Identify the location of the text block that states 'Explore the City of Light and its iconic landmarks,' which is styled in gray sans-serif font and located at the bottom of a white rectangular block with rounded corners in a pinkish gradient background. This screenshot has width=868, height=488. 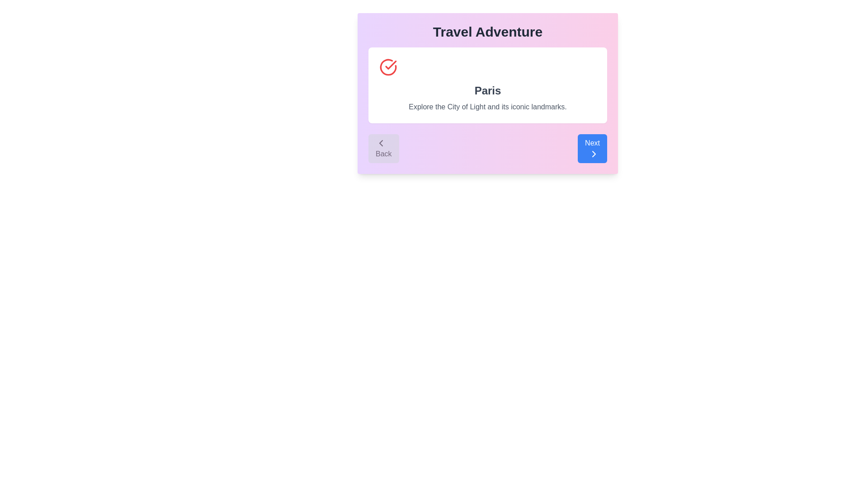
(487, 106).